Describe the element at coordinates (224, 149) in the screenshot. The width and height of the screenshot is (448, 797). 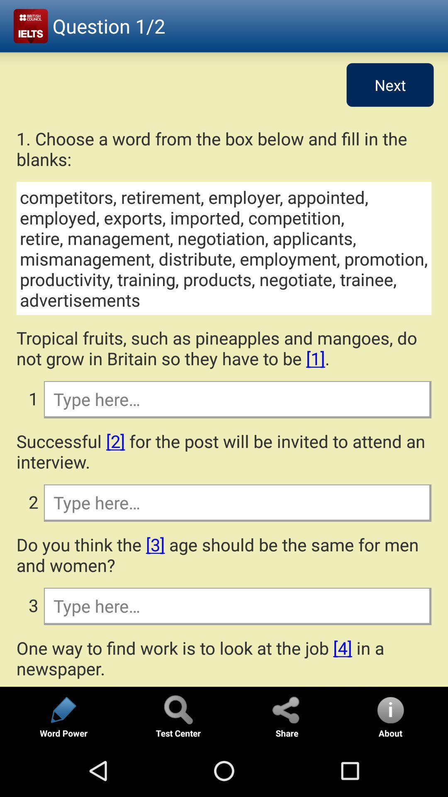
I see `1 choose a item` at that location.